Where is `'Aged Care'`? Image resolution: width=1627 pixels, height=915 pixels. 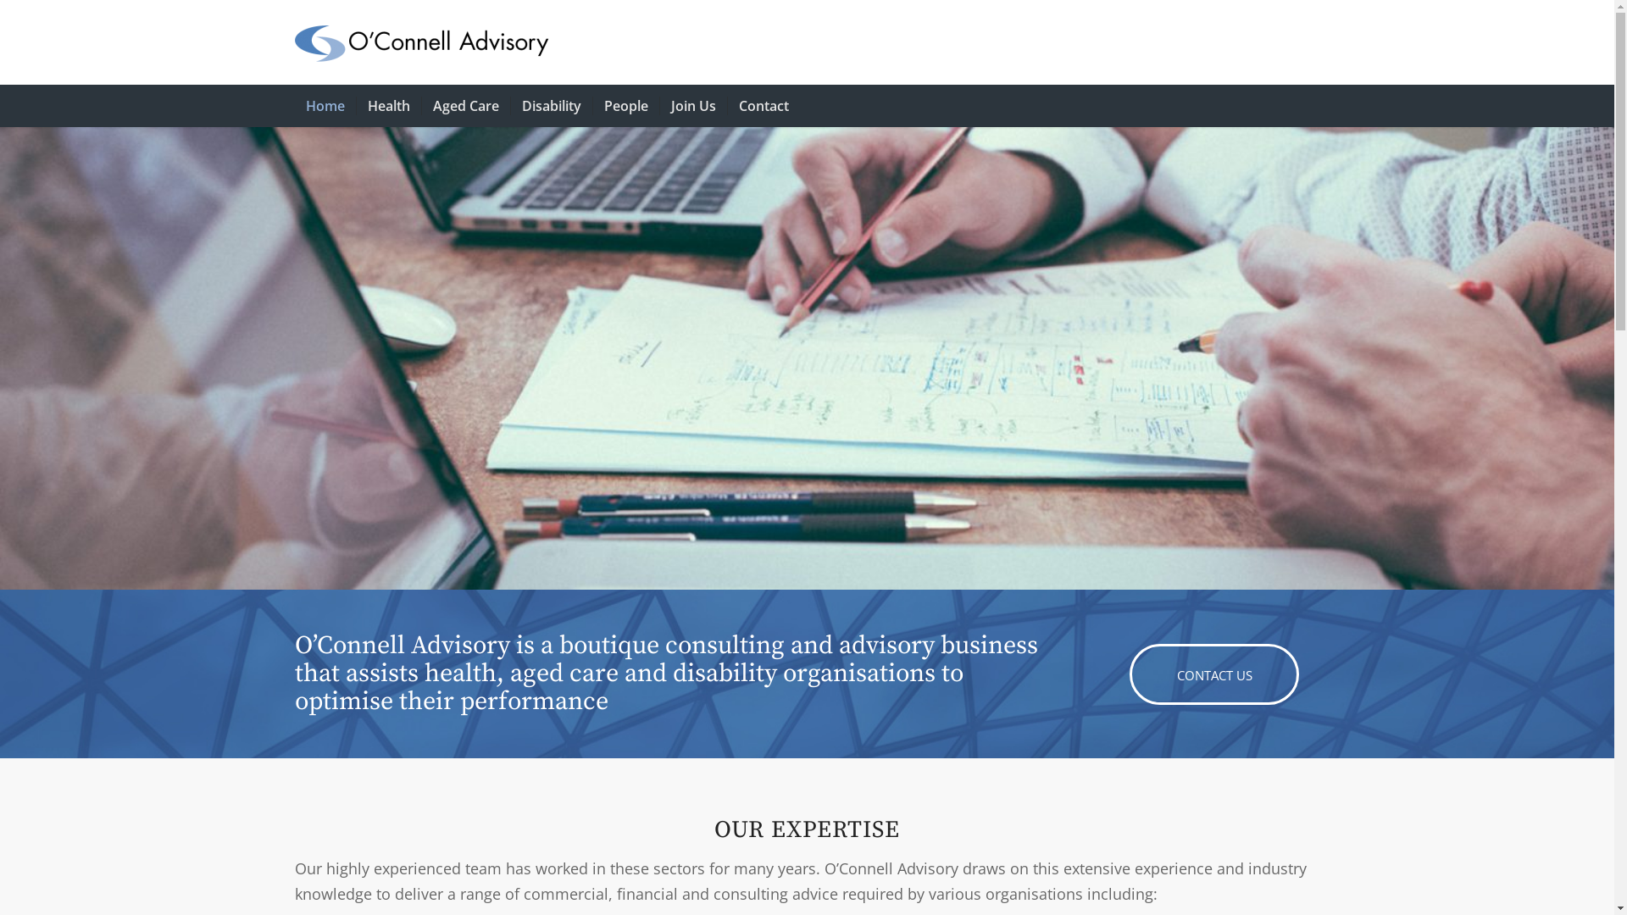
'Aged Care' is located at coordinates (464, 105).